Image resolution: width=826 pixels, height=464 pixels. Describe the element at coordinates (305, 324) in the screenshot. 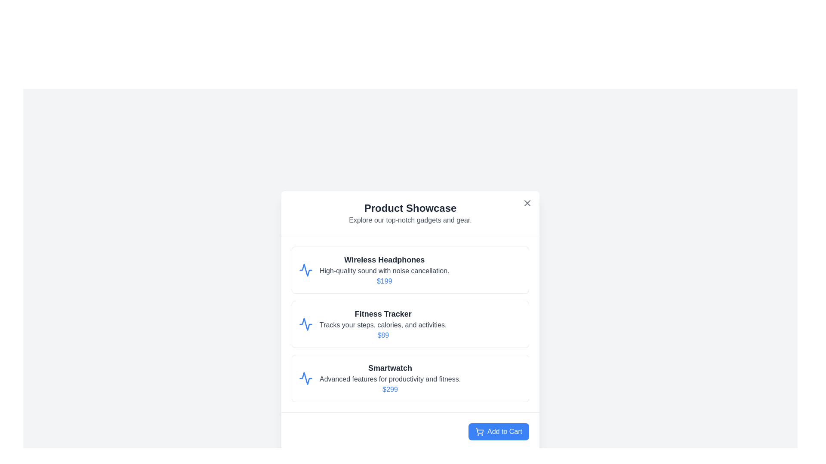

I see `blue waveform icon representing a fitness tracker, located in the second section of product descriptions, positioned to the left of the text 'Fitness Tracker' and above '$89'` at that location.